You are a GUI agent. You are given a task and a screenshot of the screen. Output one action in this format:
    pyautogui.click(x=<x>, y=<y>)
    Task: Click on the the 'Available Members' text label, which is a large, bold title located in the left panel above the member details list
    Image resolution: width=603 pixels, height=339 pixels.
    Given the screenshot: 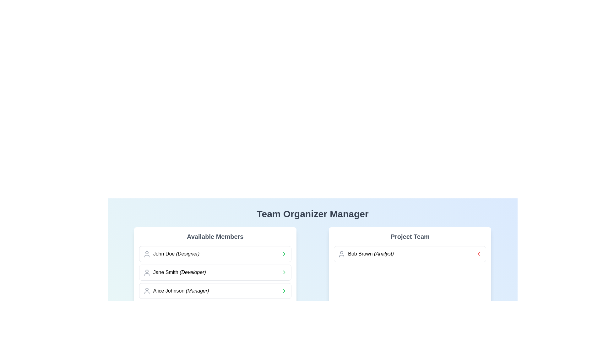 What is the action you would take?
    pyautogui.click(x=215, y=236)
    